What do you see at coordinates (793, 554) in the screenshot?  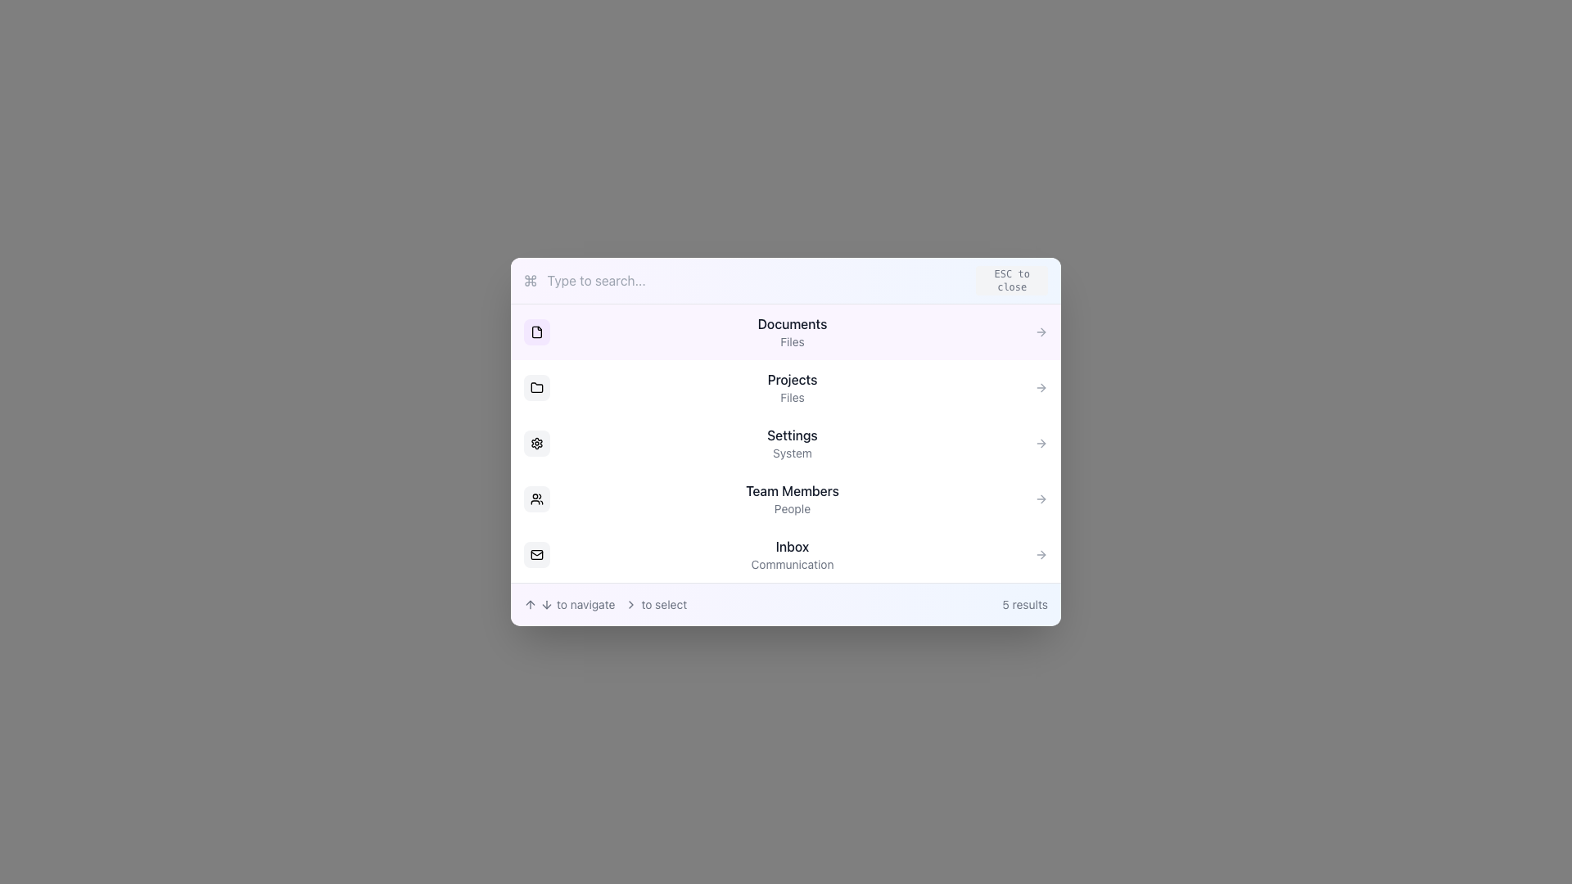 I see `the 'Inbox' option in the fifth row of the 'Team Members' section, which is a clickable list item displaying bold text 'Inbox' and smaller text 'Communication'` at bounding box center [793, 554].